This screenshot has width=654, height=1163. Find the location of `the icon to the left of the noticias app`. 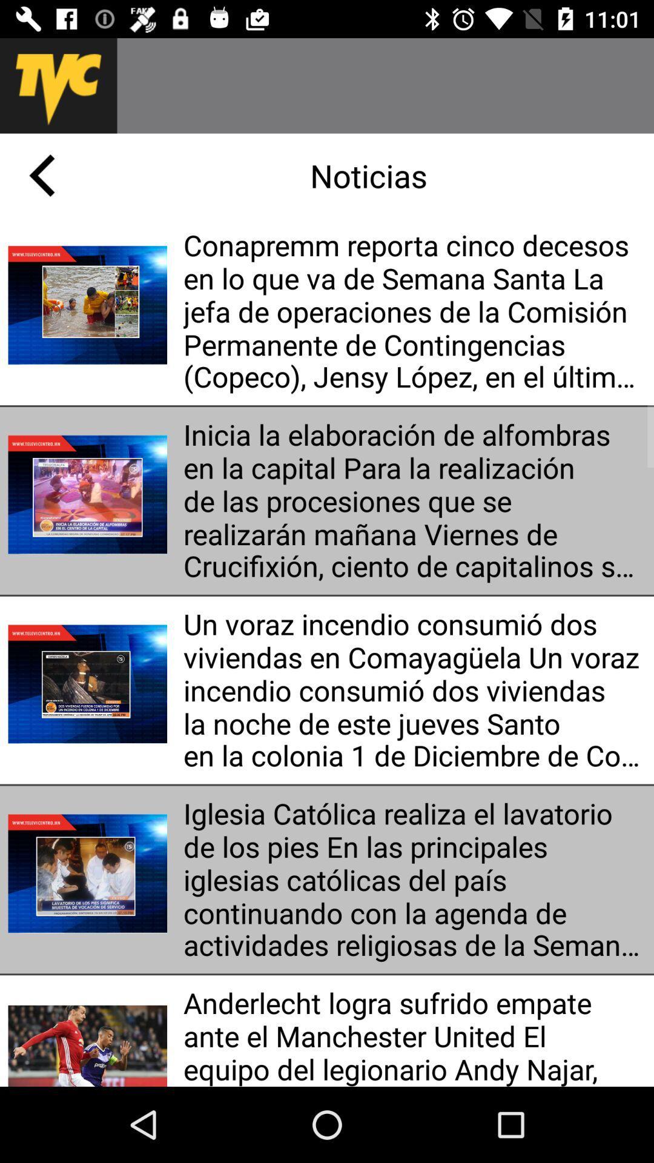

the icon to the left of the noticias app is located at coordinates (41, 174).